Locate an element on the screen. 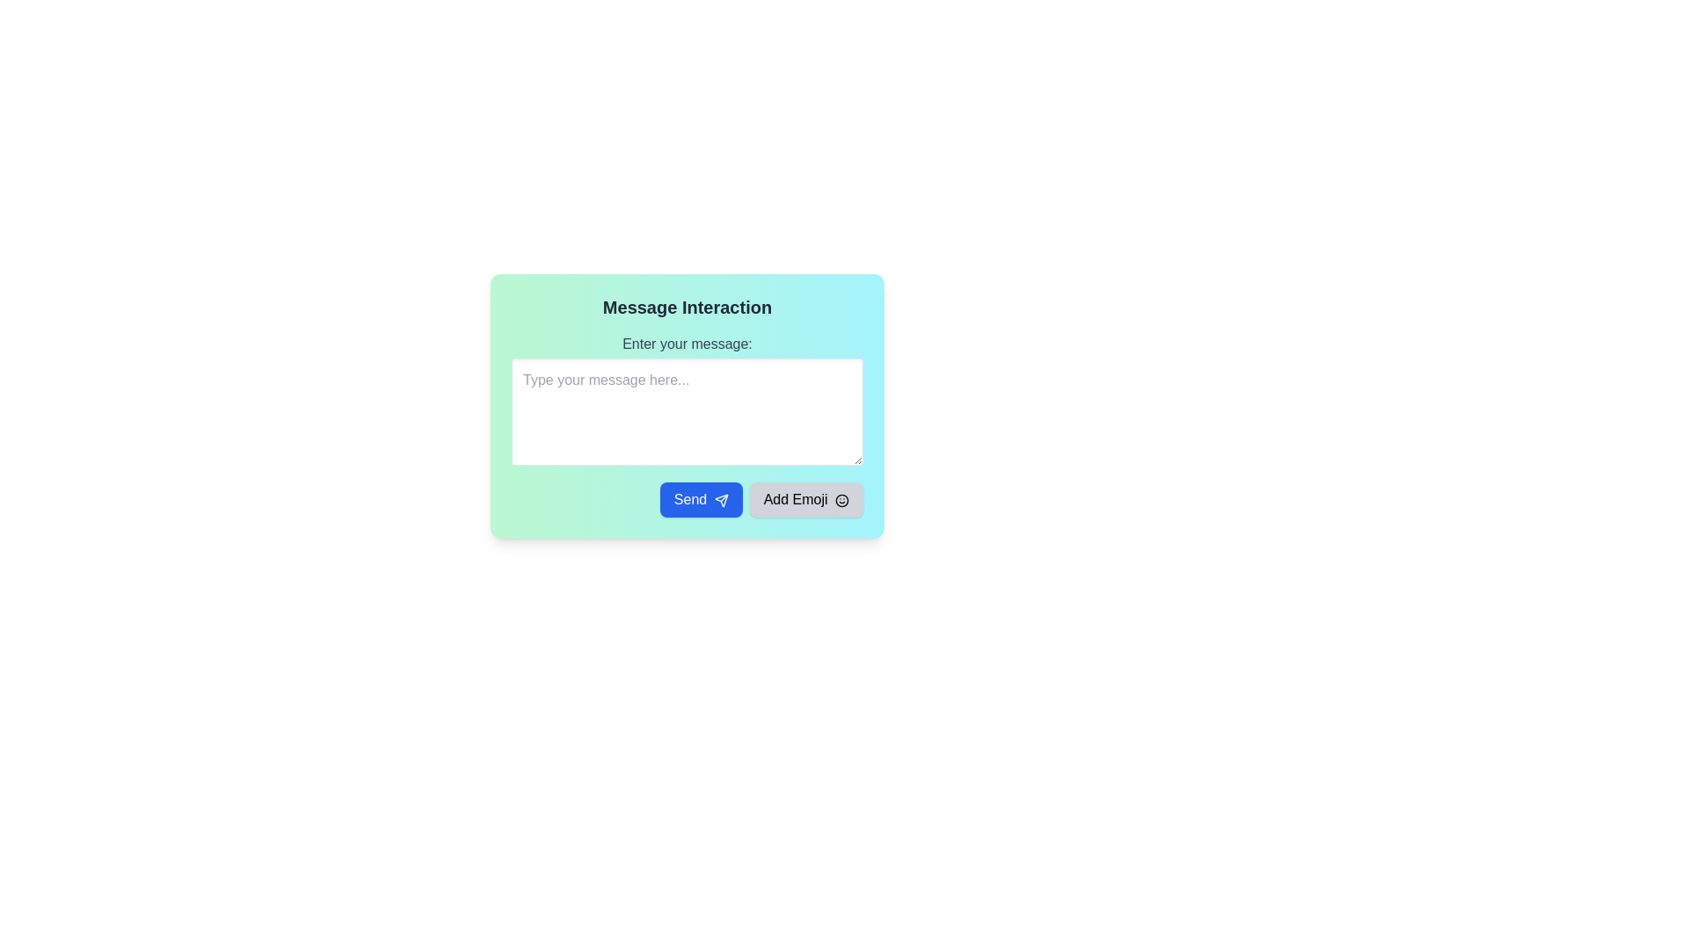 The image size is (1688, 949). the smiley face icon located within the 'Add Emoji' button is located at coordinates (841, 500).